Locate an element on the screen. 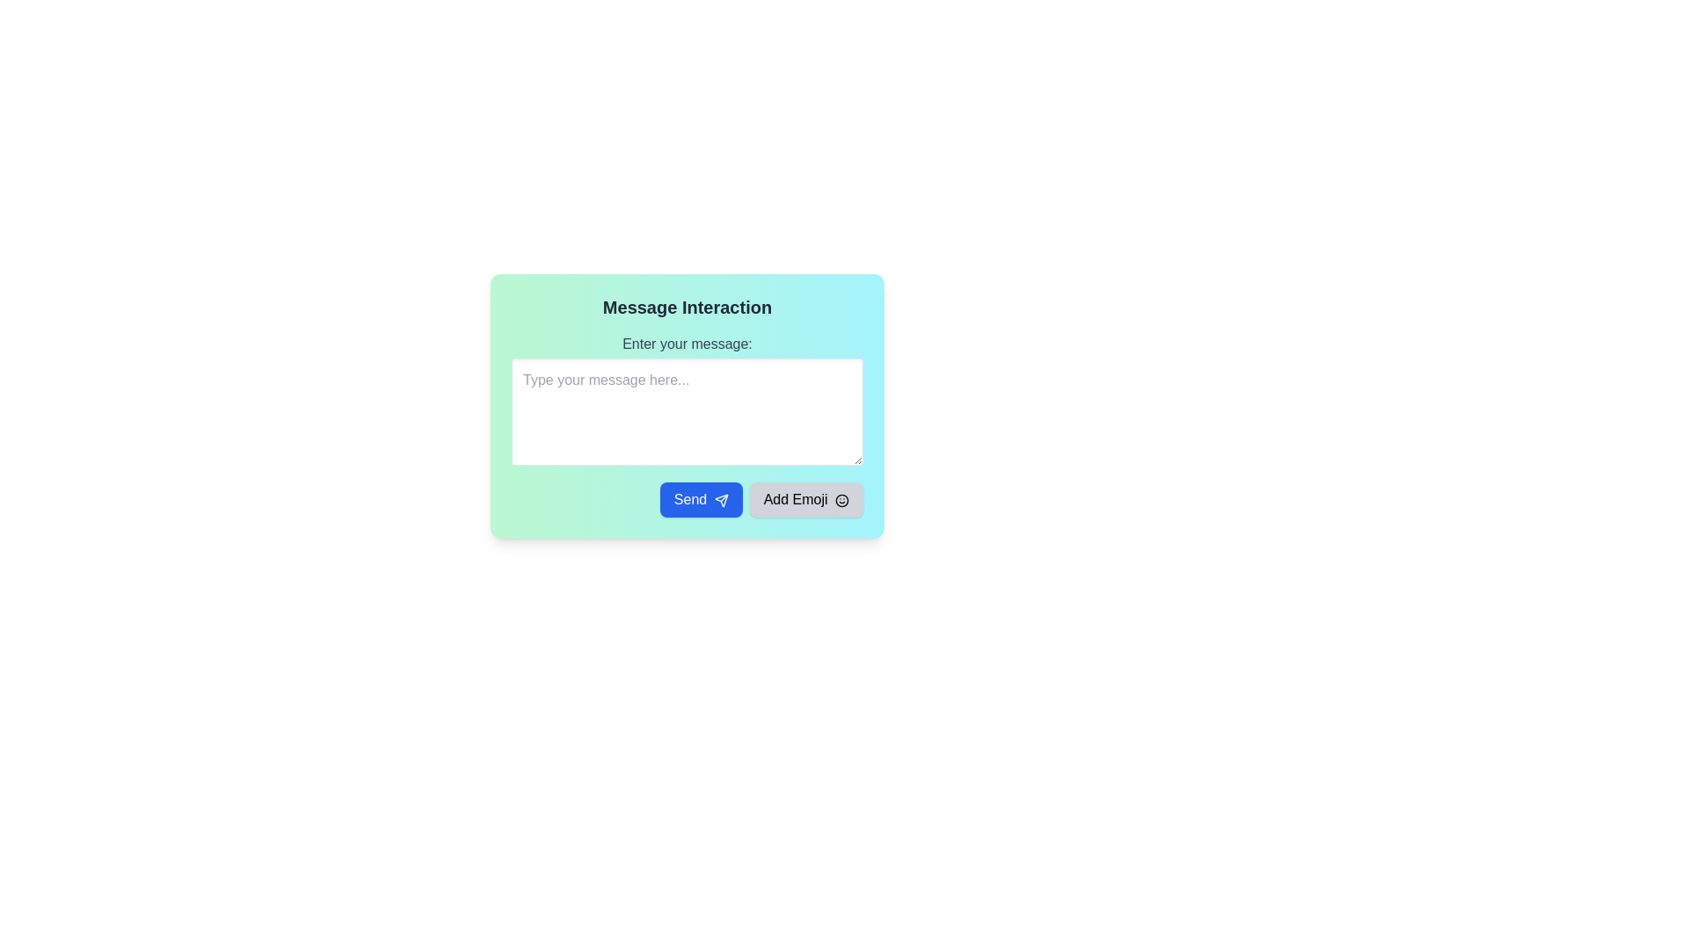 The image size is (1688, 949). the smiley face icon located within the 'Add Emoji' button is located at coordinates (841, 500).